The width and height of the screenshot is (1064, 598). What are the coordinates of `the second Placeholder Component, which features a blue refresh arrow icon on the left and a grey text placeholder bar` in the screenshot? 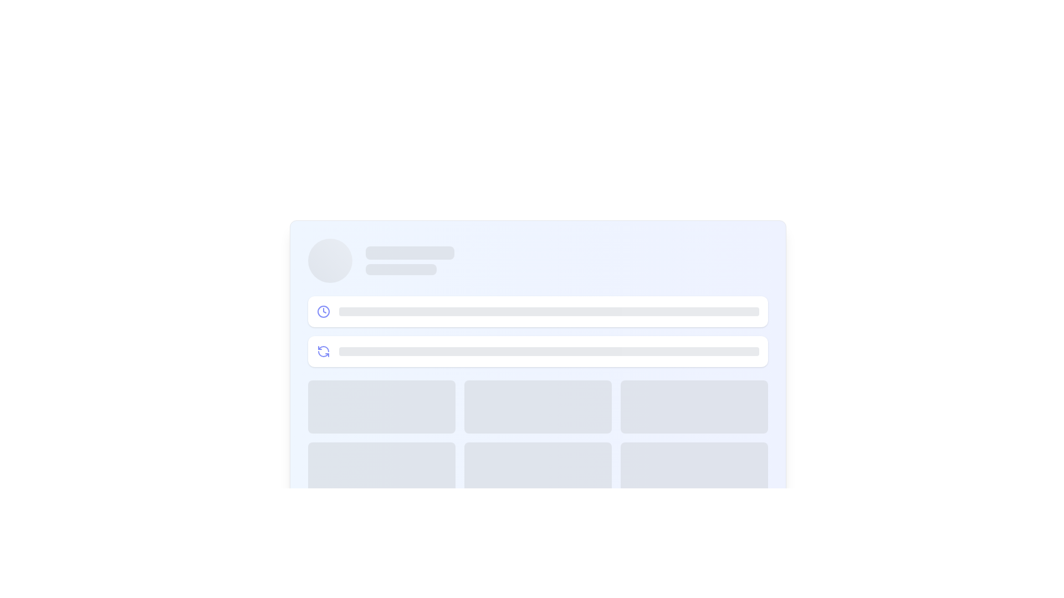 It's located at (538, 352).